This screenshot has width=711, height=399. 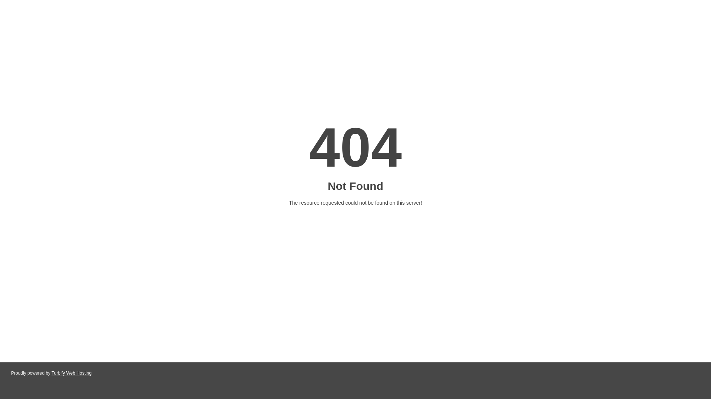 What do you see at coordinates (71, 373) in the screenshot?
I see `'Turbify Web Hosting'` at bounding box center [71, 373].